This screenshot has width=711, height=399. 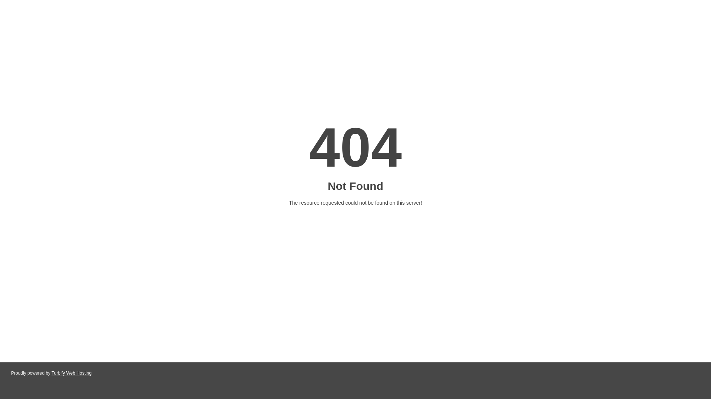 What do you see at coordinates (71, 373) in the screenshot?
I see `'Turbify Web Hosting'` at bounding box center [71, 373].